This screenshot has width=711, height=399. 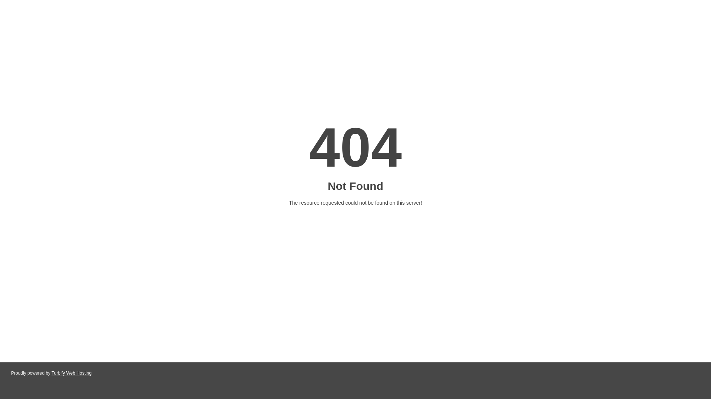 What do you see at coordinates (71, 373) in the screenshot?
I see `'Turbify Web Hosting'` at bounding box center [71, 373].